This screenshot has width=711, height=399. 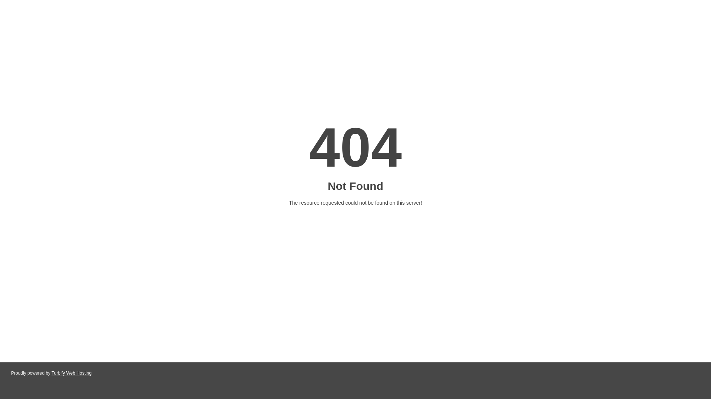 What do you see at coordinates (71, 373) in the screenshot?
I see `'Turbify Web Hosting'` at bounding box center [71, 373].